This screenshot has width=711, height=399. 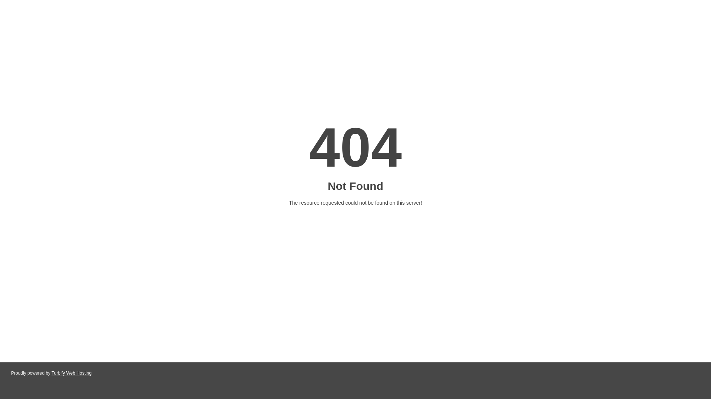 What do you see at coordinates (71, 373) in the screenshot?
I see `'Turbify Web Hosting'` at bounding box center [71, 373].